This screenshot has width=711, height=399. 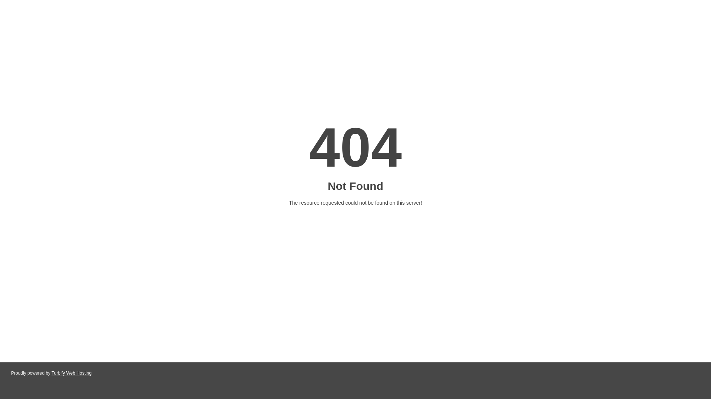 What do you see at coordinates (71, 373) in the screenshot?
I see `'Turbify Web Hosting'` at bounding box center [71, 373].